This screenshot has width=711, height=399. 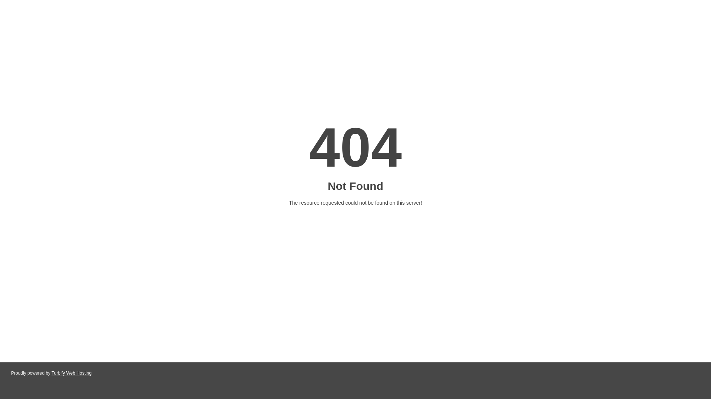 What do you see at coordinates (71, 373) in the screenshot?
I see `'Turbify Web Hosting'` at bounding box center [71, 373].